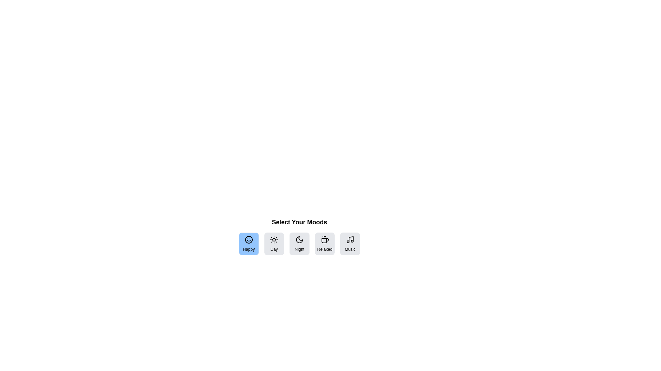 The width and height of the screenshot is (661, 371). What do you see at coordinates (299, 239) in the screenshot?
I see `the crescent moon icon above the 'Night' text` at bounding box center [299, 239].